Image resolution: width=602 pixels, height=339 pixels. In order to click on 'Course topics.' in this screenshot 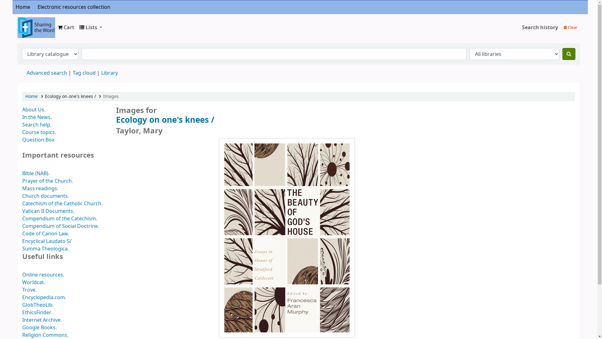, I will do `click(39, 132)`.